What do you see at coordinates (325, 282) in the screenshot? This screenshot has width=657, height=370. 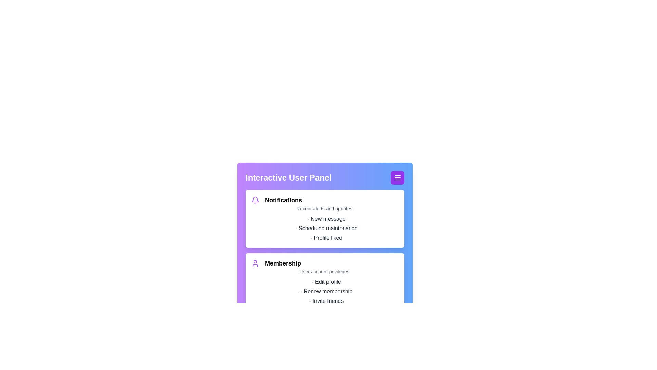 I see `the membership section by centering it in the viewport` at bounding box center [325, 282].